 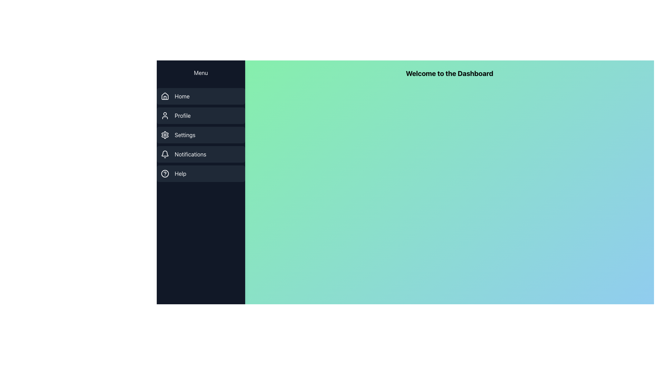 What do you see at coordinates (182, 96) in the screenshot?
I see `the Text Label indicating the home section of the sidebar menu, which is located to the right of the house icon` at bounding box center [182, 96].